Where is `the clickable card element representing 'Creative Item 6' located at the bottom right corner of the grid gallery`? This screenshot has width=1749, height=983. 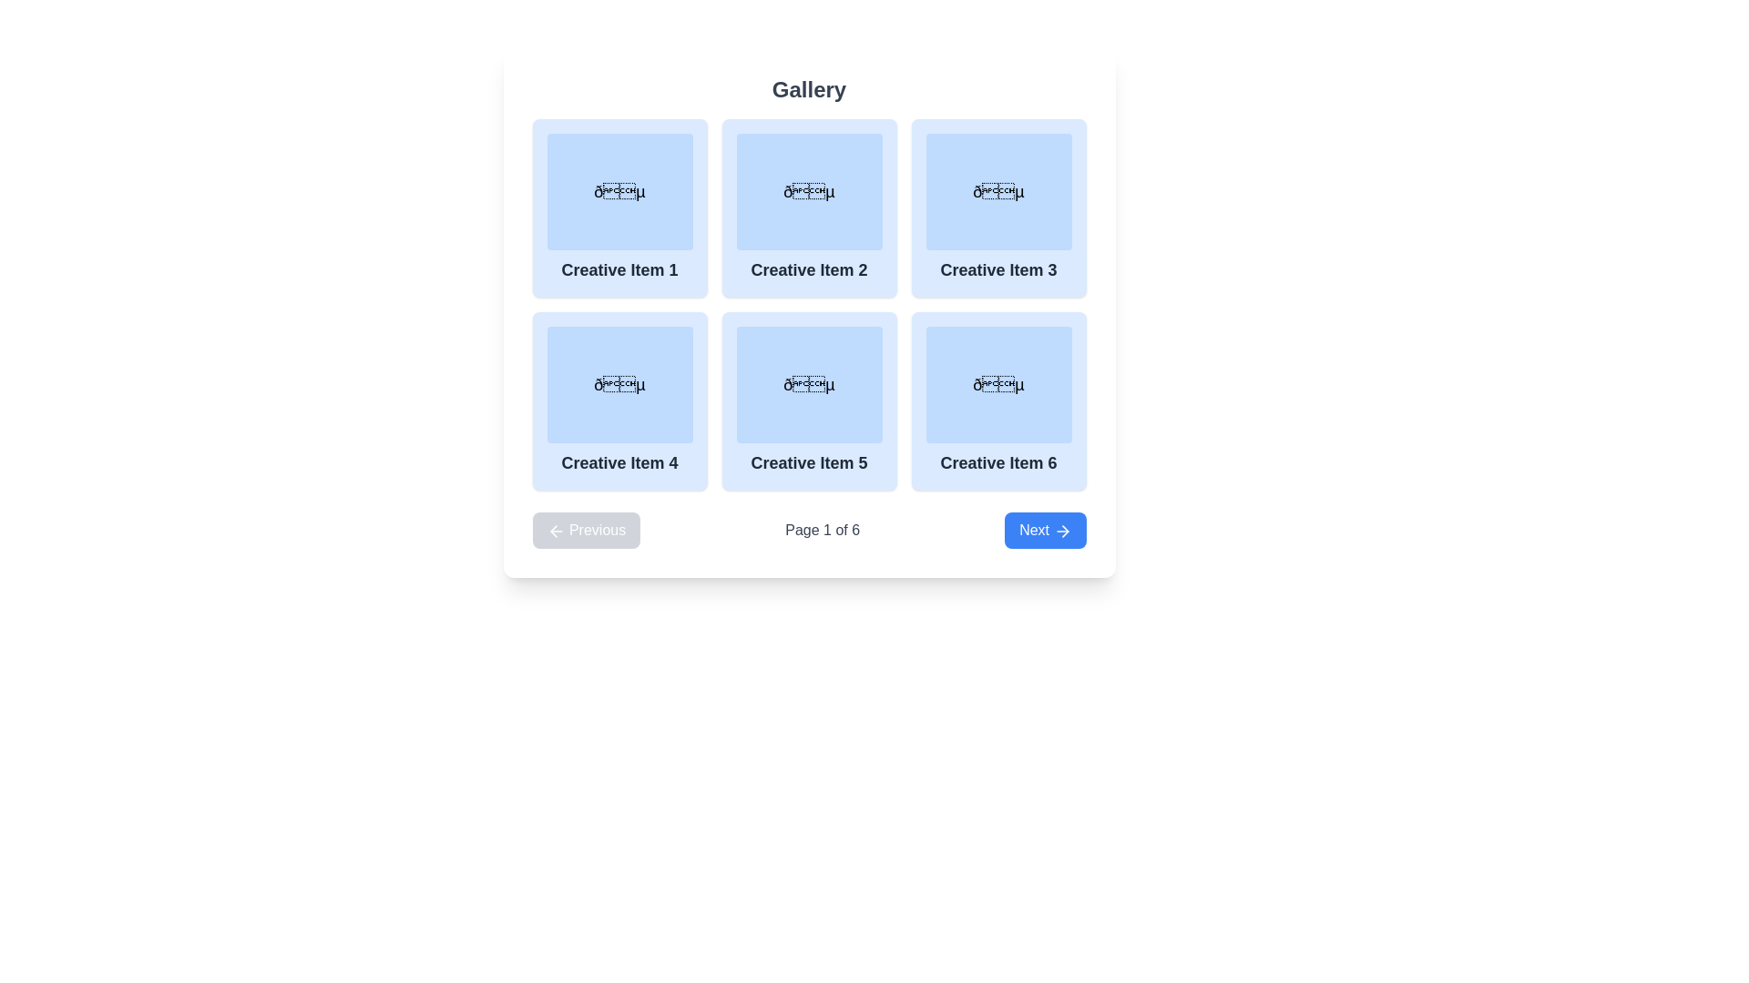 the clickable card element representing 'Creative Item 6' located at the bottom right corner of the grid gallery is located at coordinates (997, 400).